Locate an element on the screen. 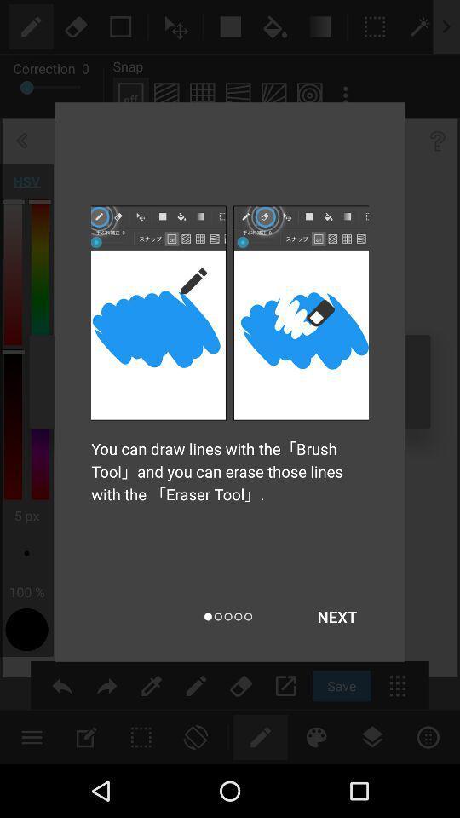 The height and width of the screenshot is (818, 460). the item below you can draw is located at coordinates (336, 616).